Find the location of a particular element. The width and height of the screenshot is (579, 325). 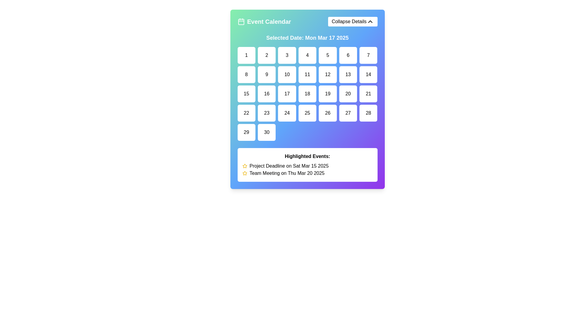

the button representing the 13th day in the calendar month, located in the second row and sixth column of the grid layout is located at coordinates (348, 74).